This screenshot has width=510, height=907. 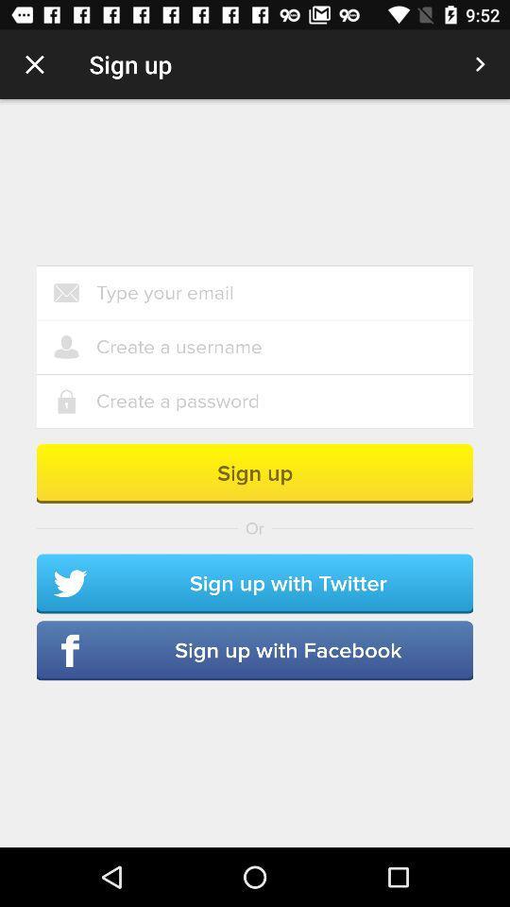 I want to click on icon next to the sign up icon, so click(x=34, y=64).